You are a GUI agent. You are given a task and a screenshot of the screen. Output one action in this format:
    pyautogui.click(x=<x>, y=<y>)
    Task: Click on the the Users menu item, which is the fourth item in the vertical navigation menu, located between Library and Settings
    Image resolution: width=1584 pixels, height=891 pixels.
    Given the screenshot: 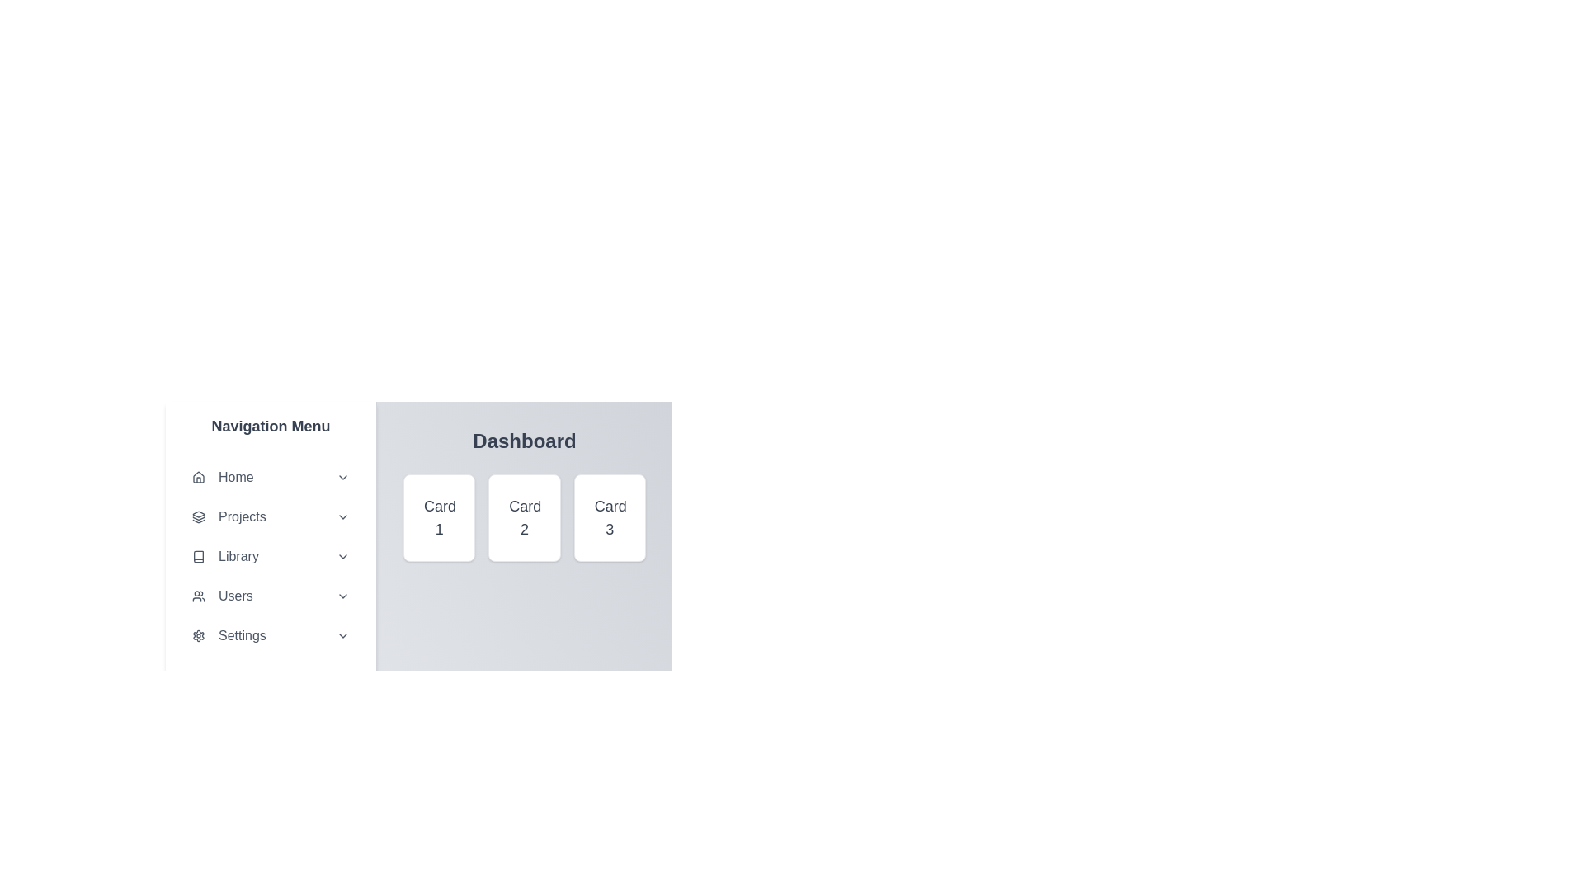 What is the action you would take?
    pyautogui.click(x=271, y=596)
    